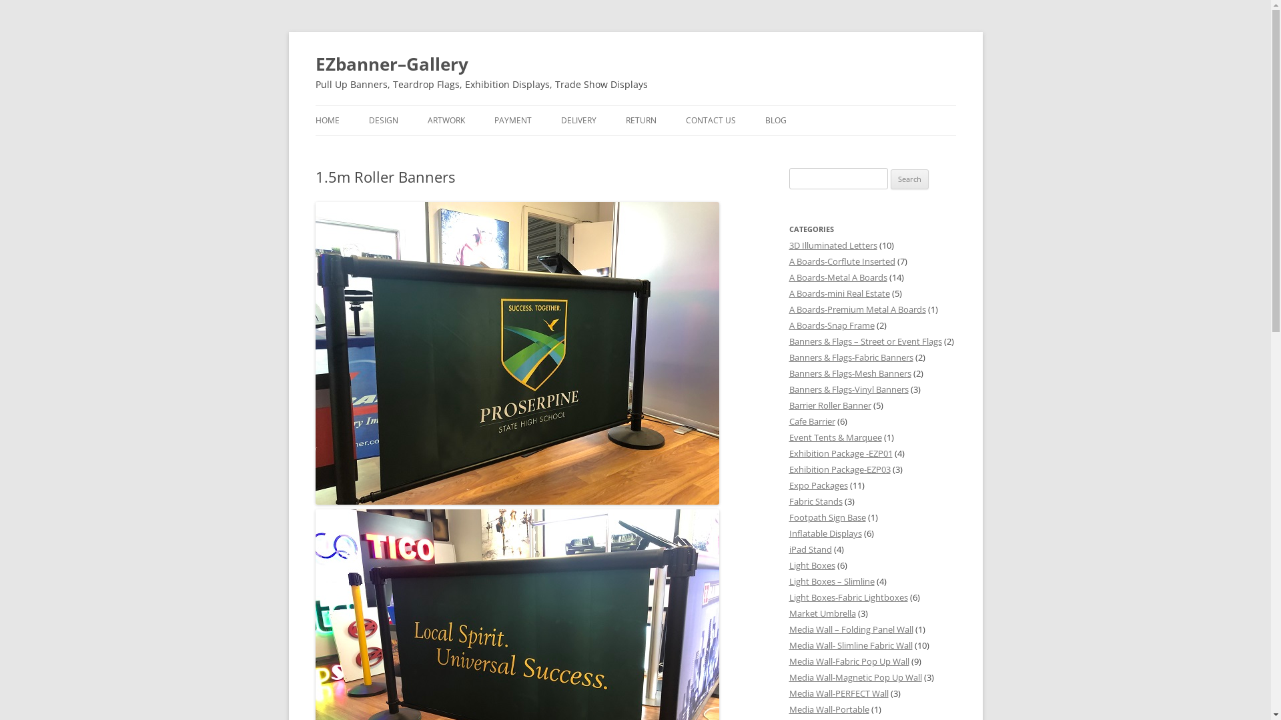 This screenshot has height=720, width=1281. I want to click on 'Cafe Barrier', so click(788, 421).